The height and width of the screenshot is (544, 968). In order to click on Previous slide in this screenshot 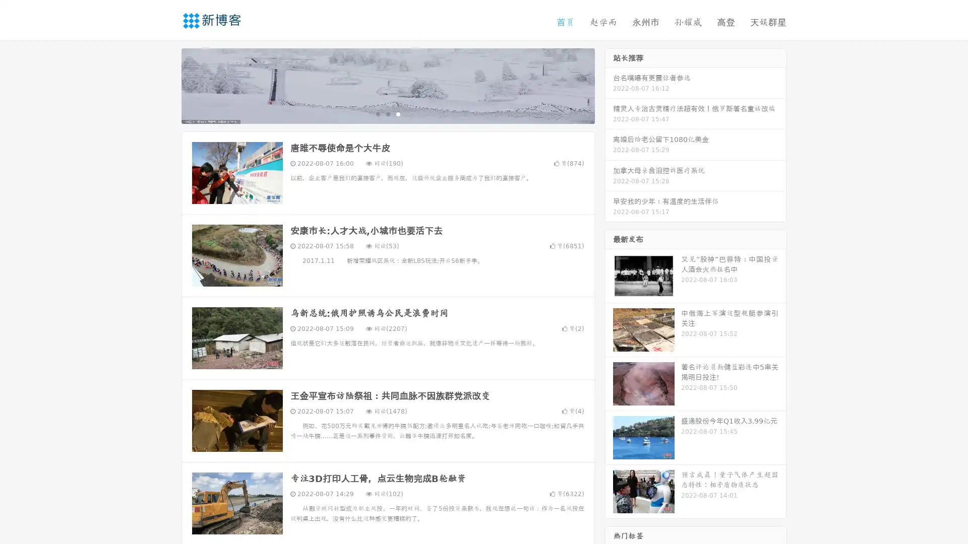, I will do `click(166, 85)`.